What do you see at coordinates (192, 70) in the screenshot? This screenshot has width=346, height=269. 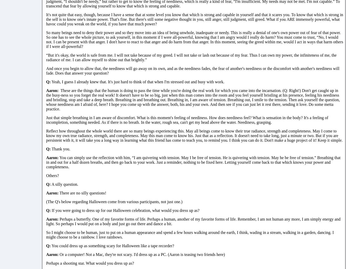 I see `'And once you begin to allow that, the neediness will go away on its own, and as the neediness fades, the fear of another's neediness or the discomfort with another's neediness will fade. Does that answer your question?'` at bounding box center [192, 70].